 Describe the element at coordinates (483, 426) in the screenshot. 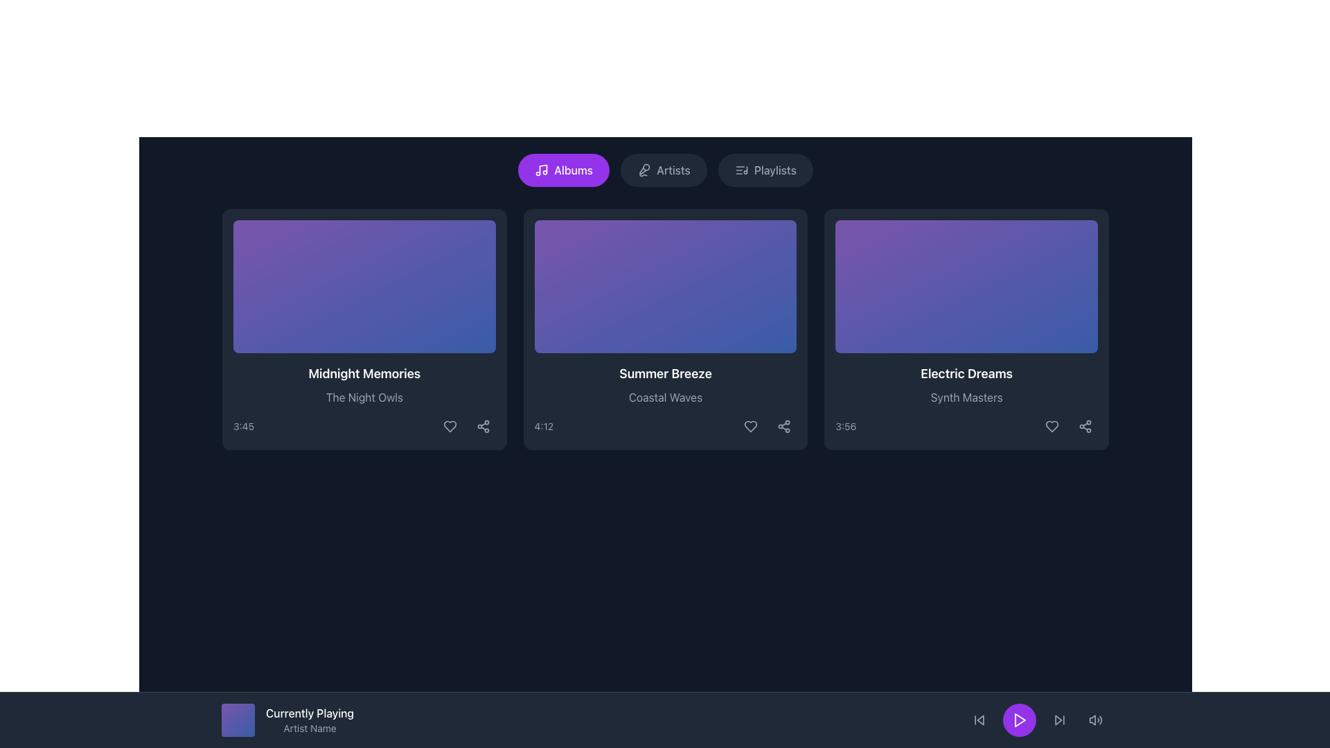

I see `the share icon button located at the bottom-right corner of the 'Midnight Memories' album card to share the album` at that location.